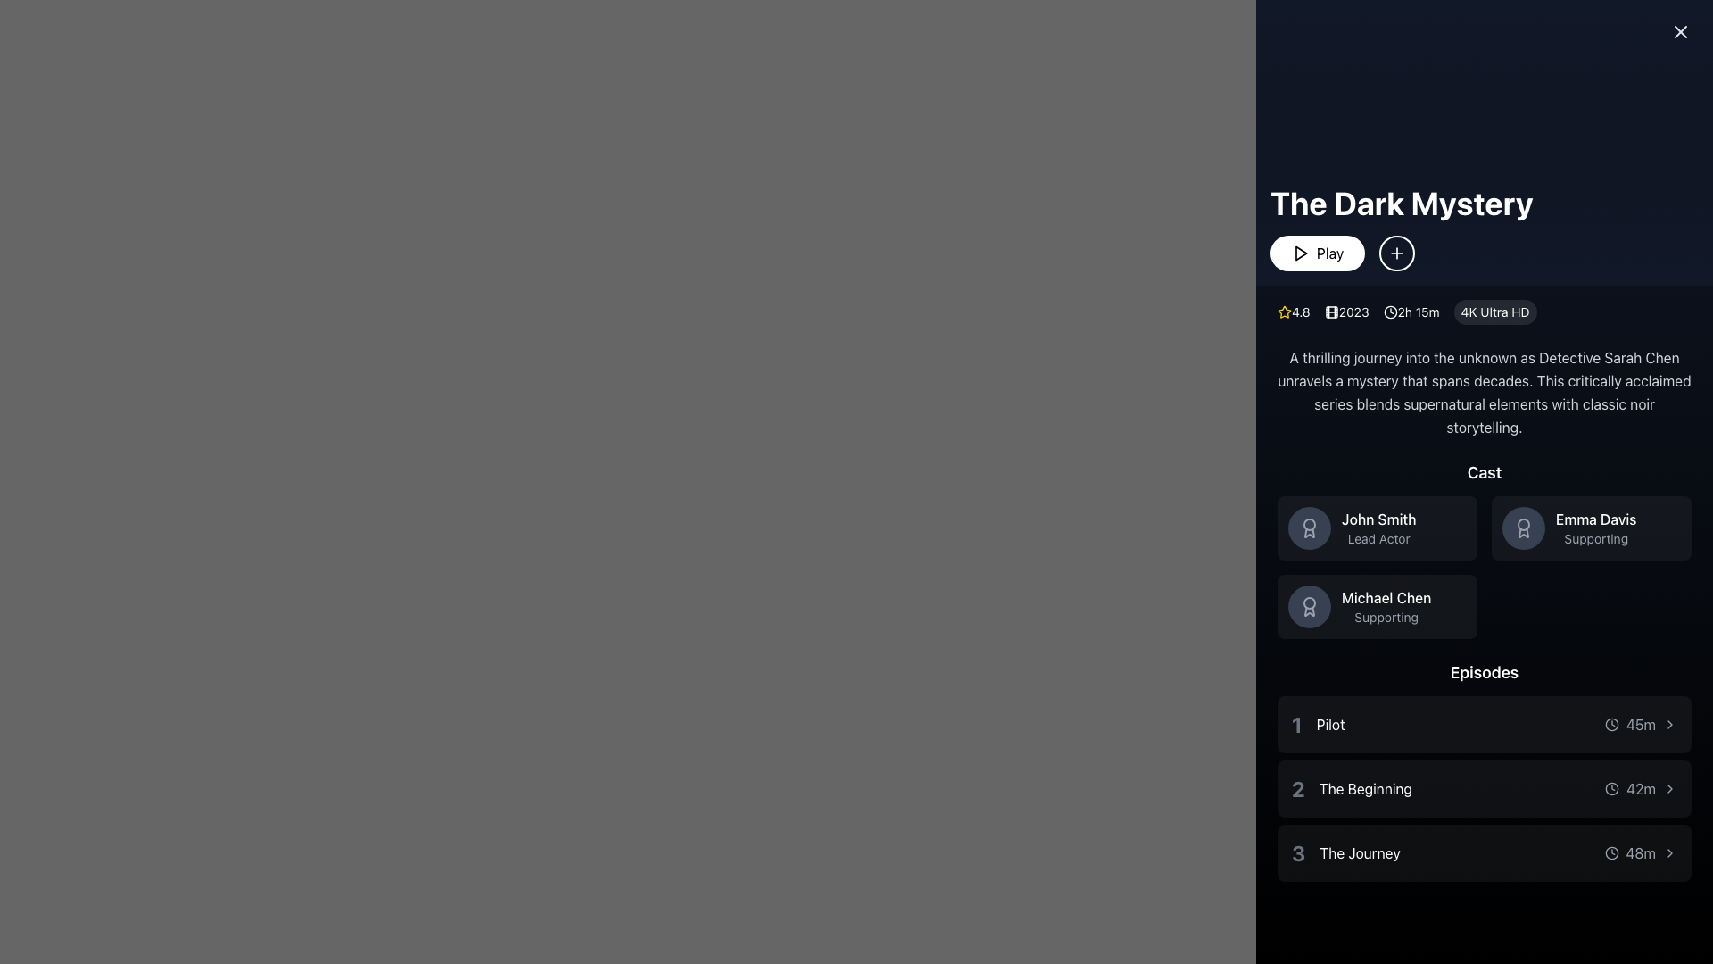 The image size is (1713, 964). I want to click on the text label representing the title of the first episode, so click(1318, 725).